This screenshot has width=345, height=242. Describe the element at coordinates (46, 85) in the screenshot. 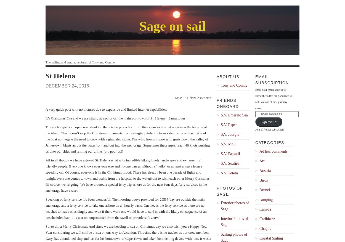

I see `'December 24, 2016'` at that location.